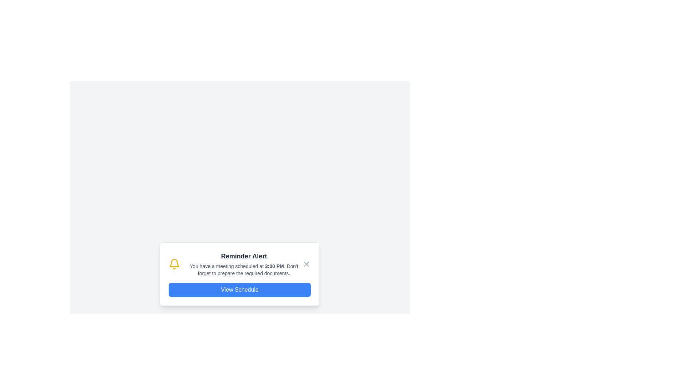  What do you see at coordinates (244, 256) in the screenshot?
I see `the 'Reminder Alert' text label which is prominently displayed at the top of the notification card` at bounding box center [244, 256].